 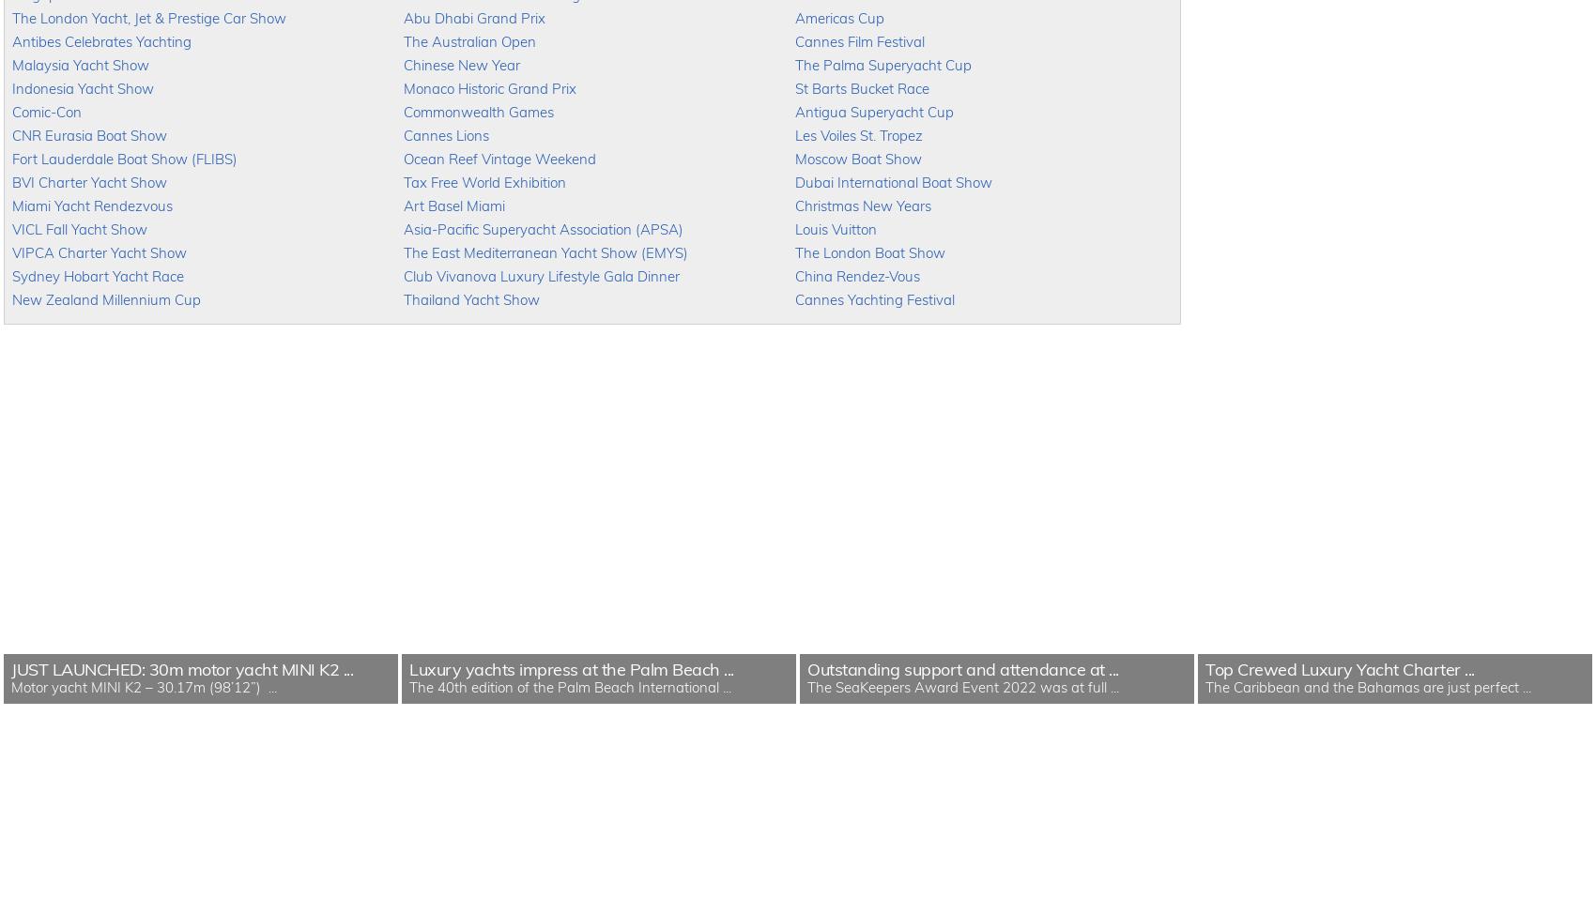 I want to click on 'New Zealand Millennium Cup', so click(x=11, y=299).